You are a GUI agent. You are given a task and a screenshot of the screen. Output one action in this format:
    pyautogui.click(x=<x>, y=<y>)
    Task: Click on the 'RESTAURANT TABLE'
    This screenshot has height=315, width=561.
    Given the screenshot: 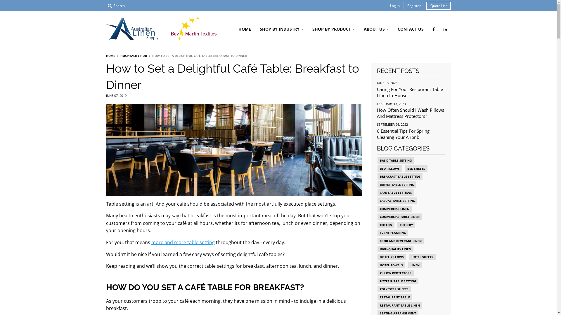 What is the action you would take?
    pyautogui.click(x=379, y=297)
    